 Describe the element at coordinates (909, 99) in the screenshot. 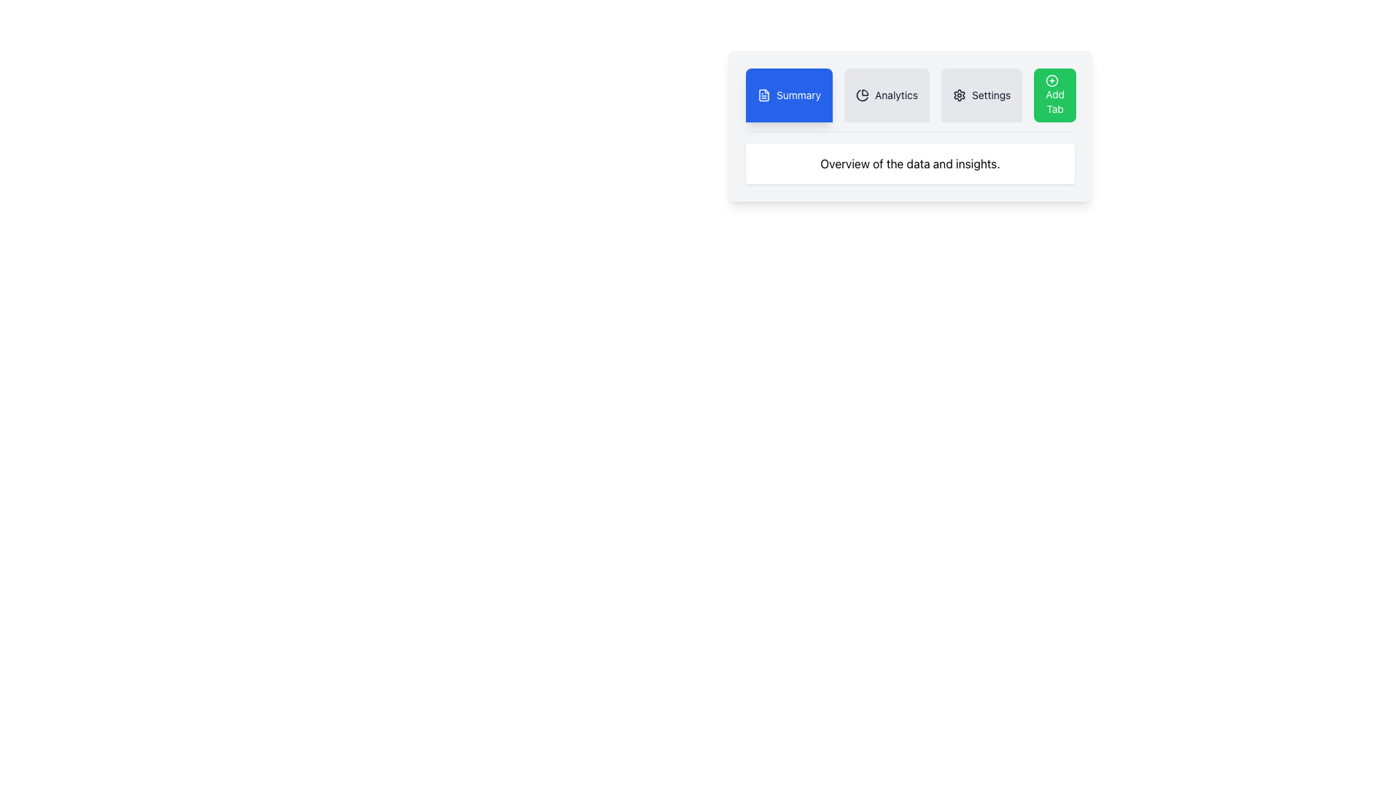

I see `the analytics navigation button located between the 'Summary' button and the 'Settings' button in the top center navigation bar` at that location.